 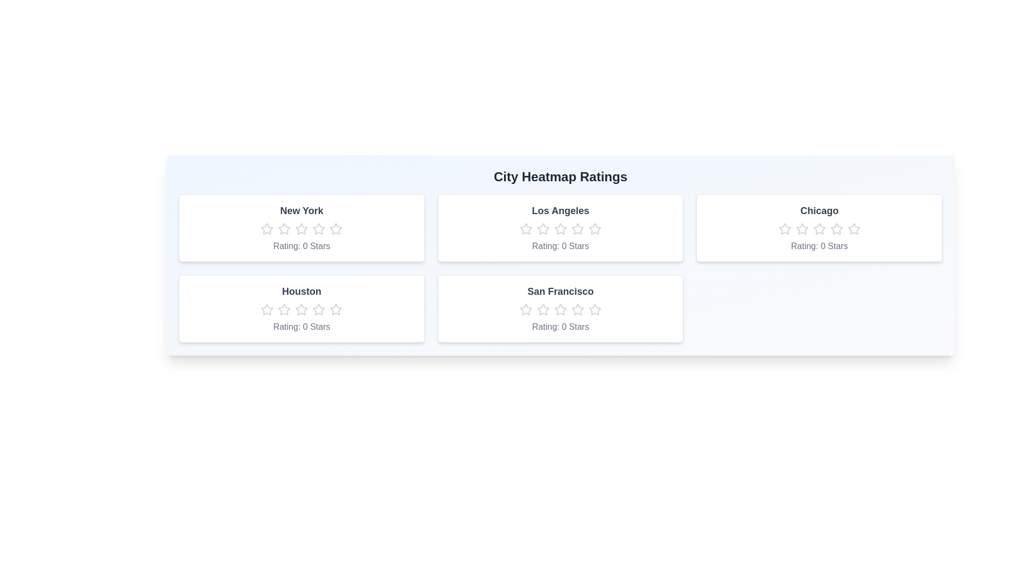 What do you see at coordinates (336, 228) in the screenshot?
I see `the New York rating star number 5` at bounding box center [336, 228].